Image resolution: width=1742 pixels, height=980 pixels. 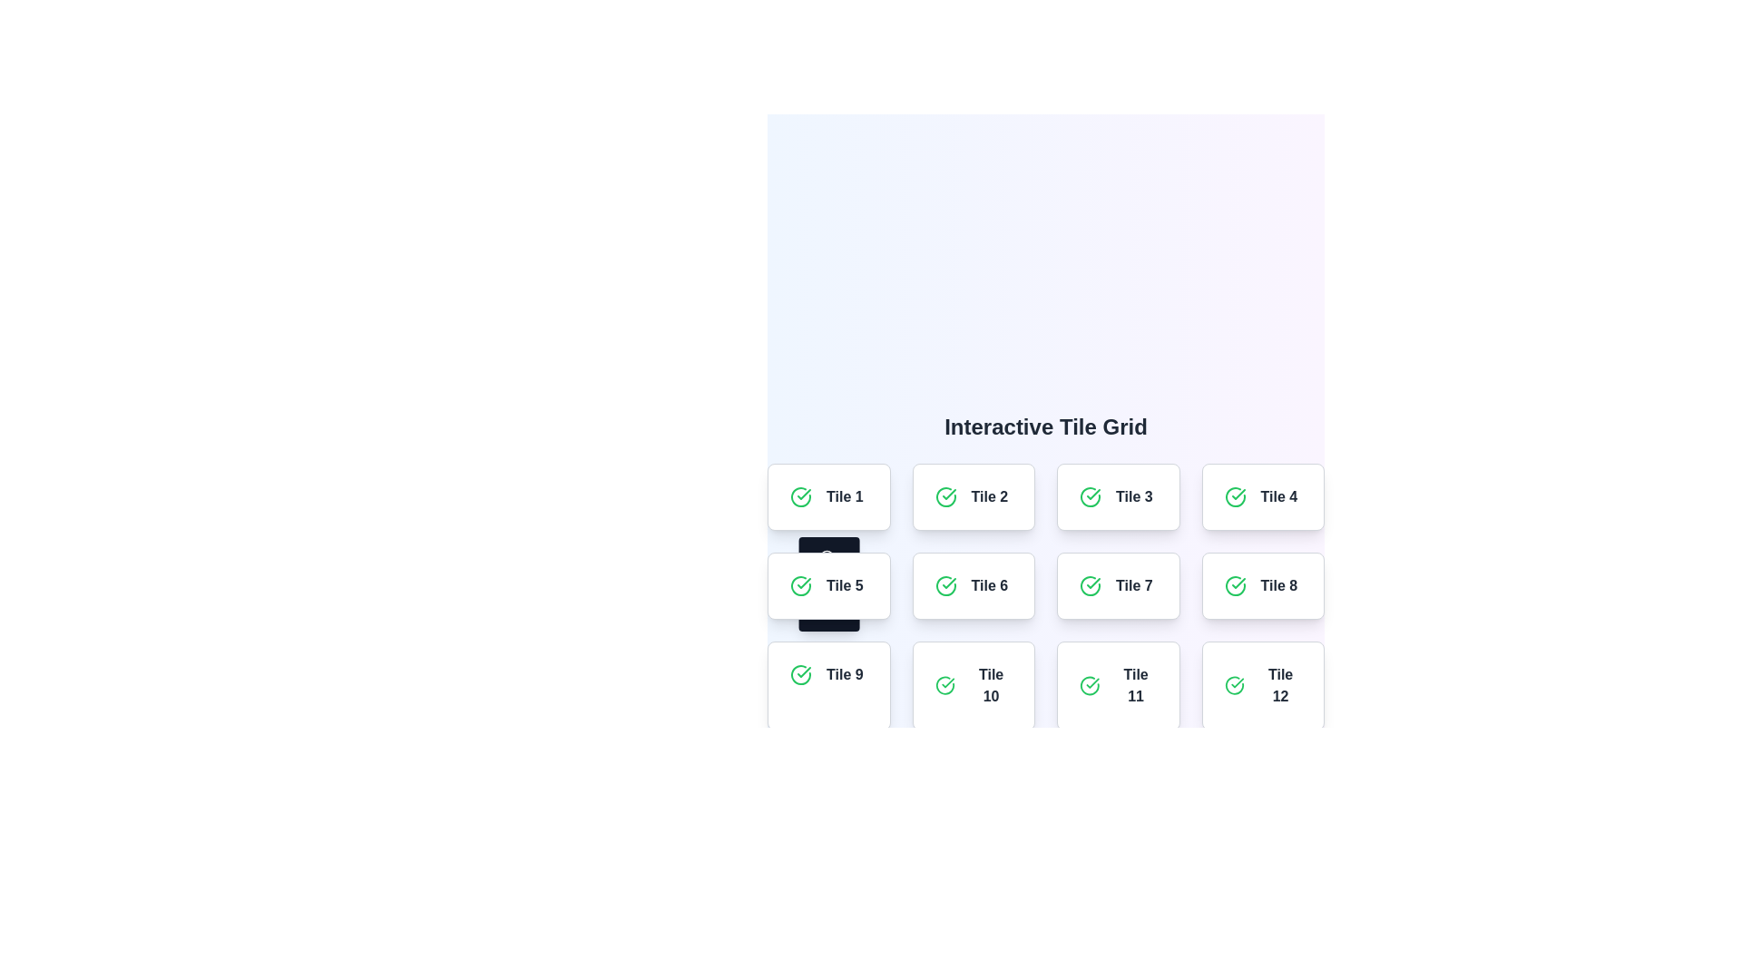 I want to click on the non-interactive Tile element located in the bottom-right position of the grid, specifically the fourth tile in the last row, so click(x=1262, y=686).